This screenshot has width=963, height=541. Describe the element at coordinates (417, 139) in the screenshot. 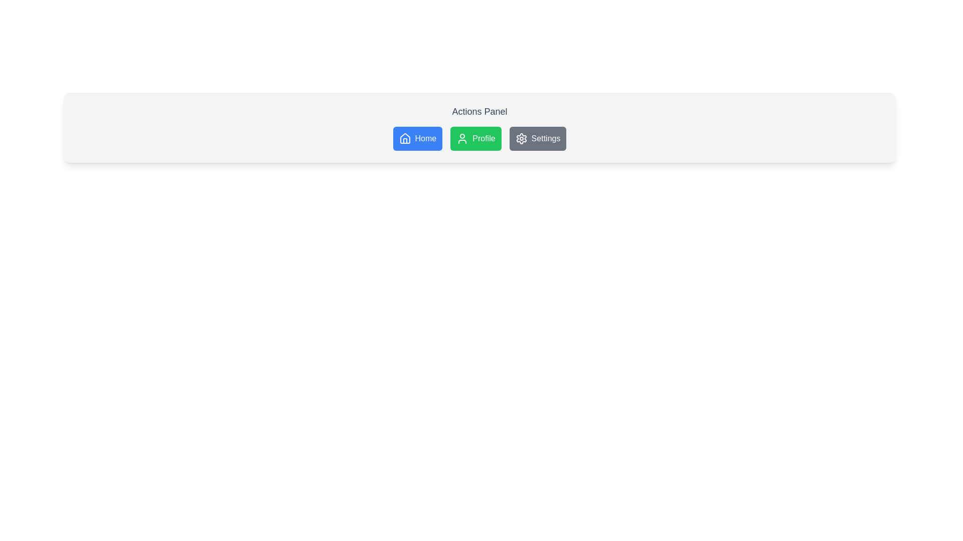

I see `the blue 'Home' button with rounded corners that features a white house icon` at that location.